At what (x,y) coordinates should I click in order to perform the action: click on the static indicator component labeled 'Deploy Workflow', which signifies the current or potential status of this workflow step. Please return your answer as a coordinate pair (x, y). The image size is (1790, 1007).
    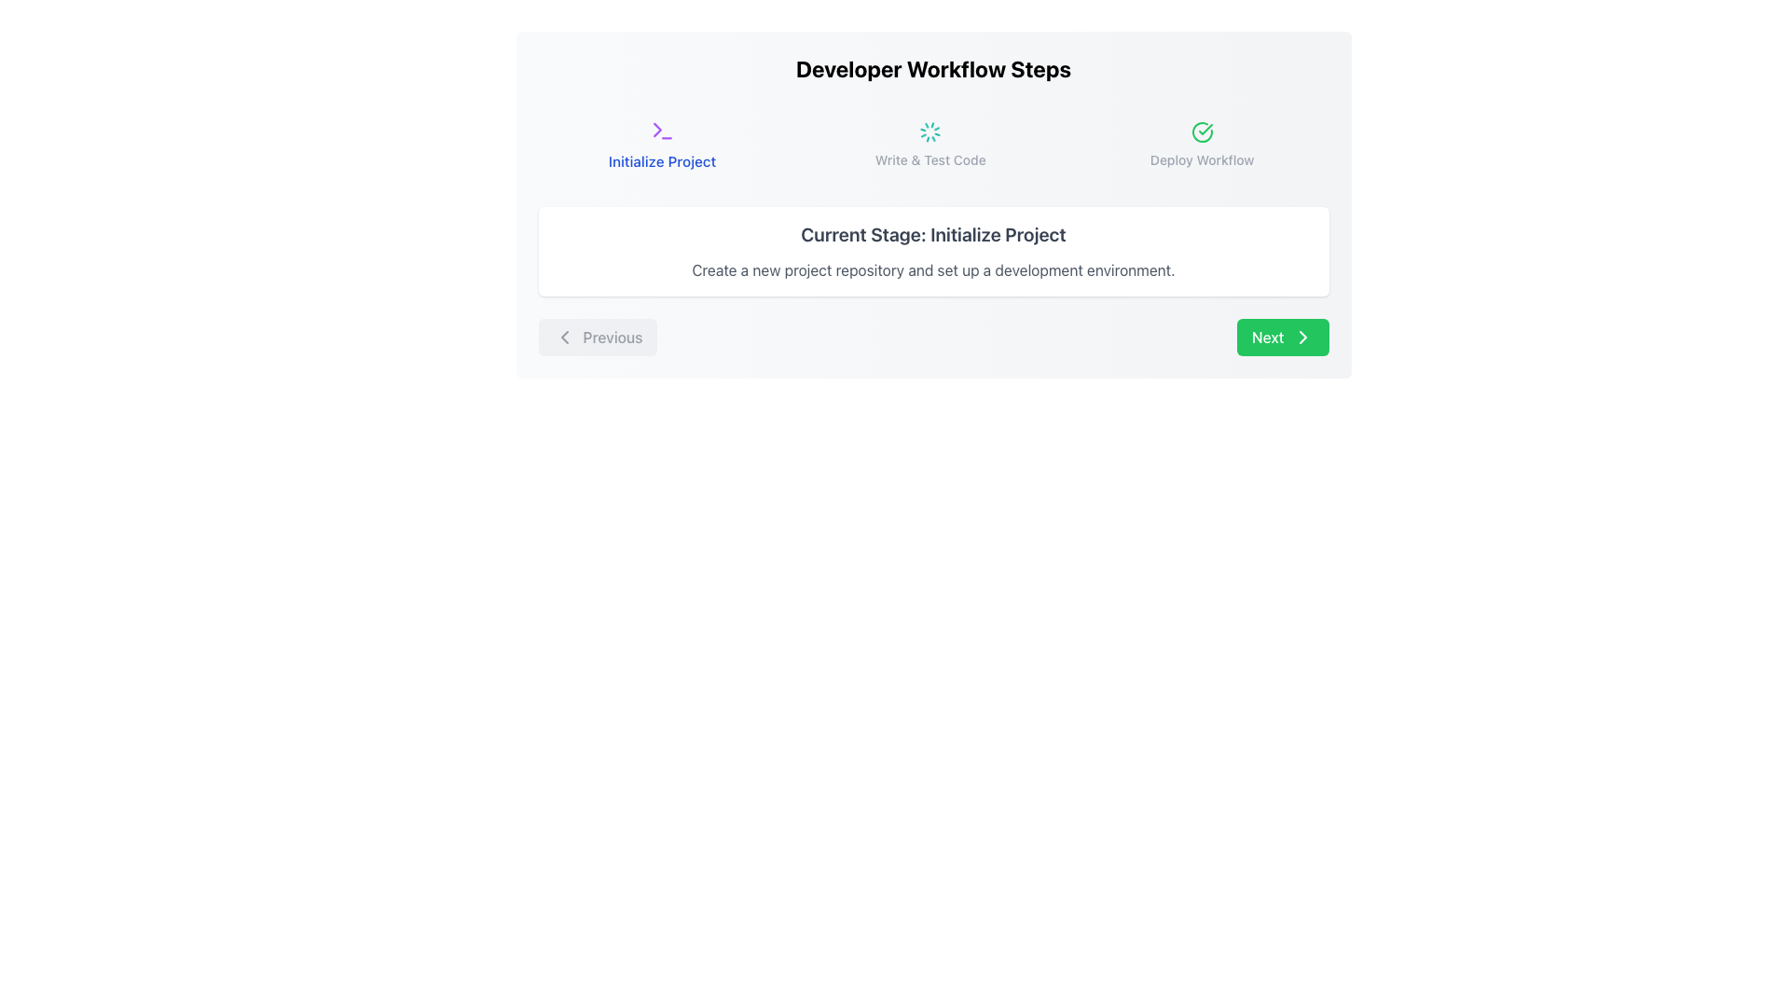
    Looking at the image, I should click on (1202, 144).